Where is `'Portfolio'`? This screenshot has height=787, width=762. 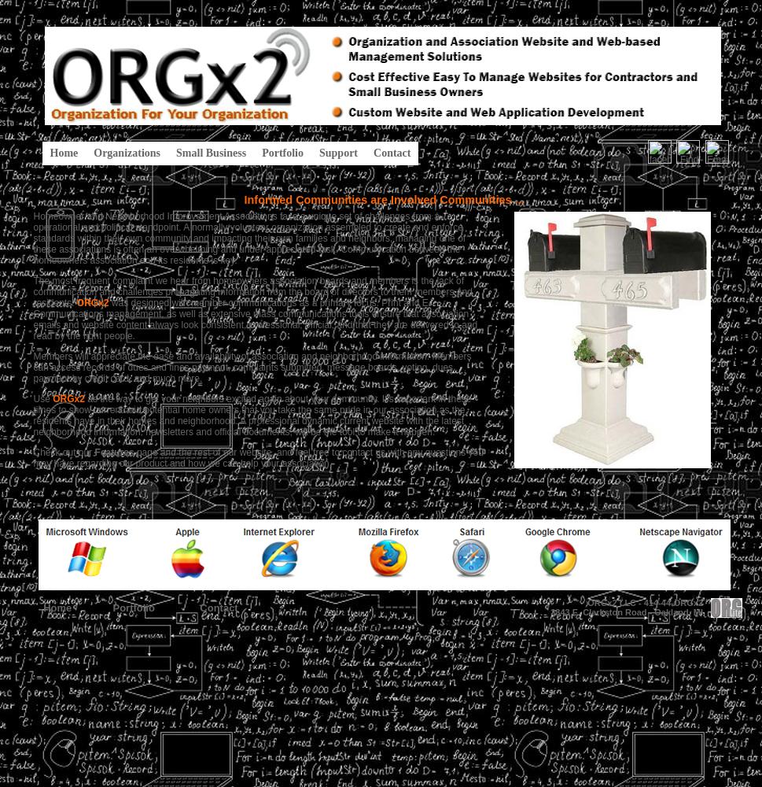
'Portfolio' is located at coordinates (132, 607).